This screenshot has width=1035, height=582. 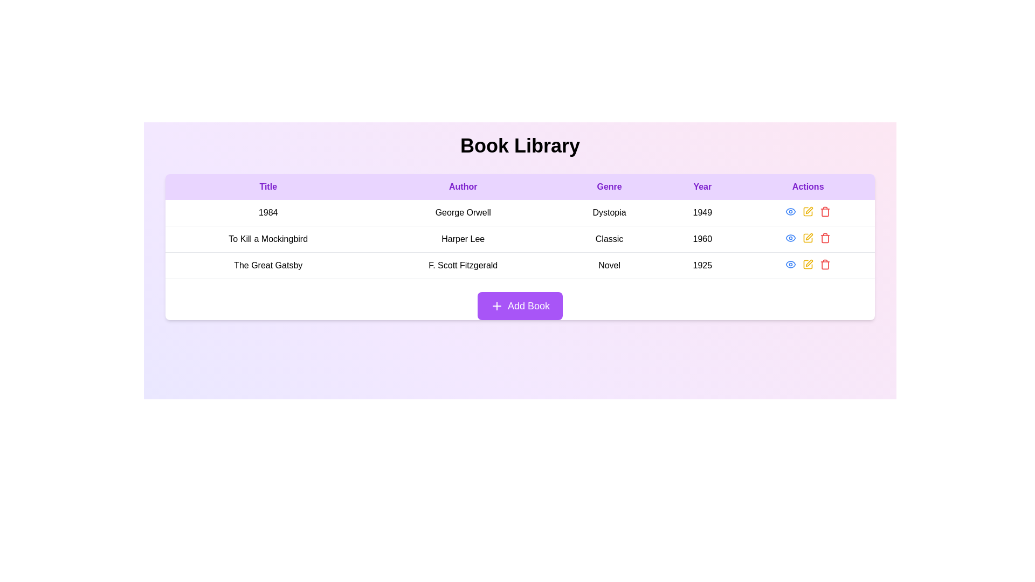 What do you see at coordinates (702, 213) in the screenshot?
I see `the text label displaying the year '1949' in the 'Year' column of the first row of the book table, which aligns with the book '1984'` at bounding box center [702, 213].